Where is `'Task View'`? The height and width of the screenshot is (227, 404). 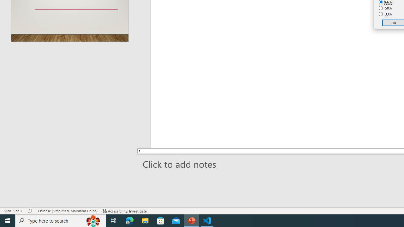
'Task View' is located at coordinates (113, 220).